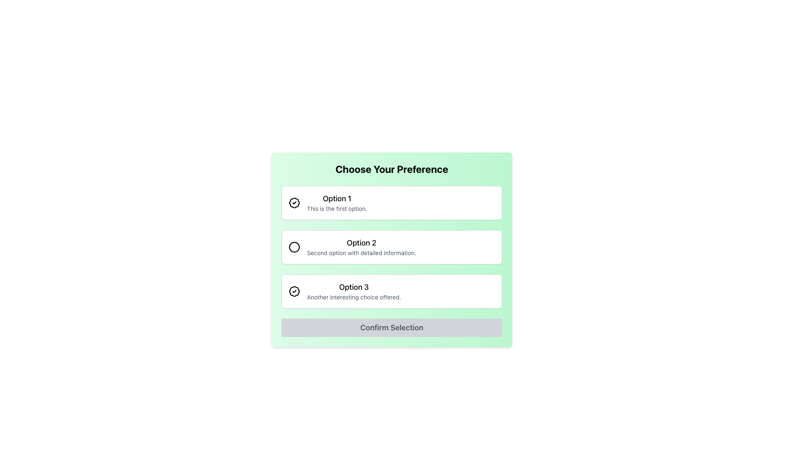 The image size is (803, 451). What do you see at coordinates (294, 203) in the screenshot?
I see `the circular graphic icon or emblem located at the start of the 'Option 1' line, which is to the left of the text description 'Option 1 This is the first option.'` at bounding box center [294, 203].